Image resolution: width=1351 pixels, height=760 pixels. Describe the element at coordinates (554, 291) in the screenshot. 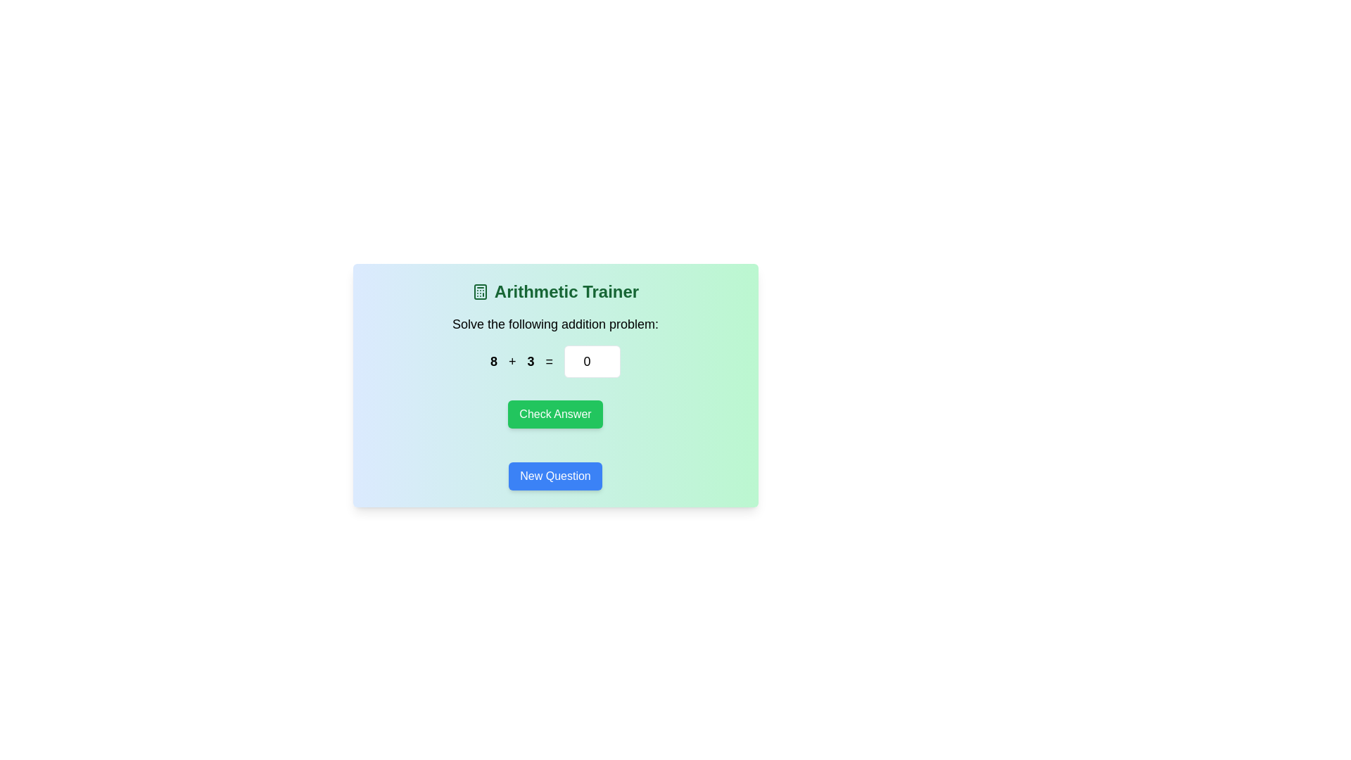

I see `the heading 'Arithmetic Trainer' which is displayed in large, bold, green text, located at the top center of the card layout, adjacent to a calculator icon` at that location.